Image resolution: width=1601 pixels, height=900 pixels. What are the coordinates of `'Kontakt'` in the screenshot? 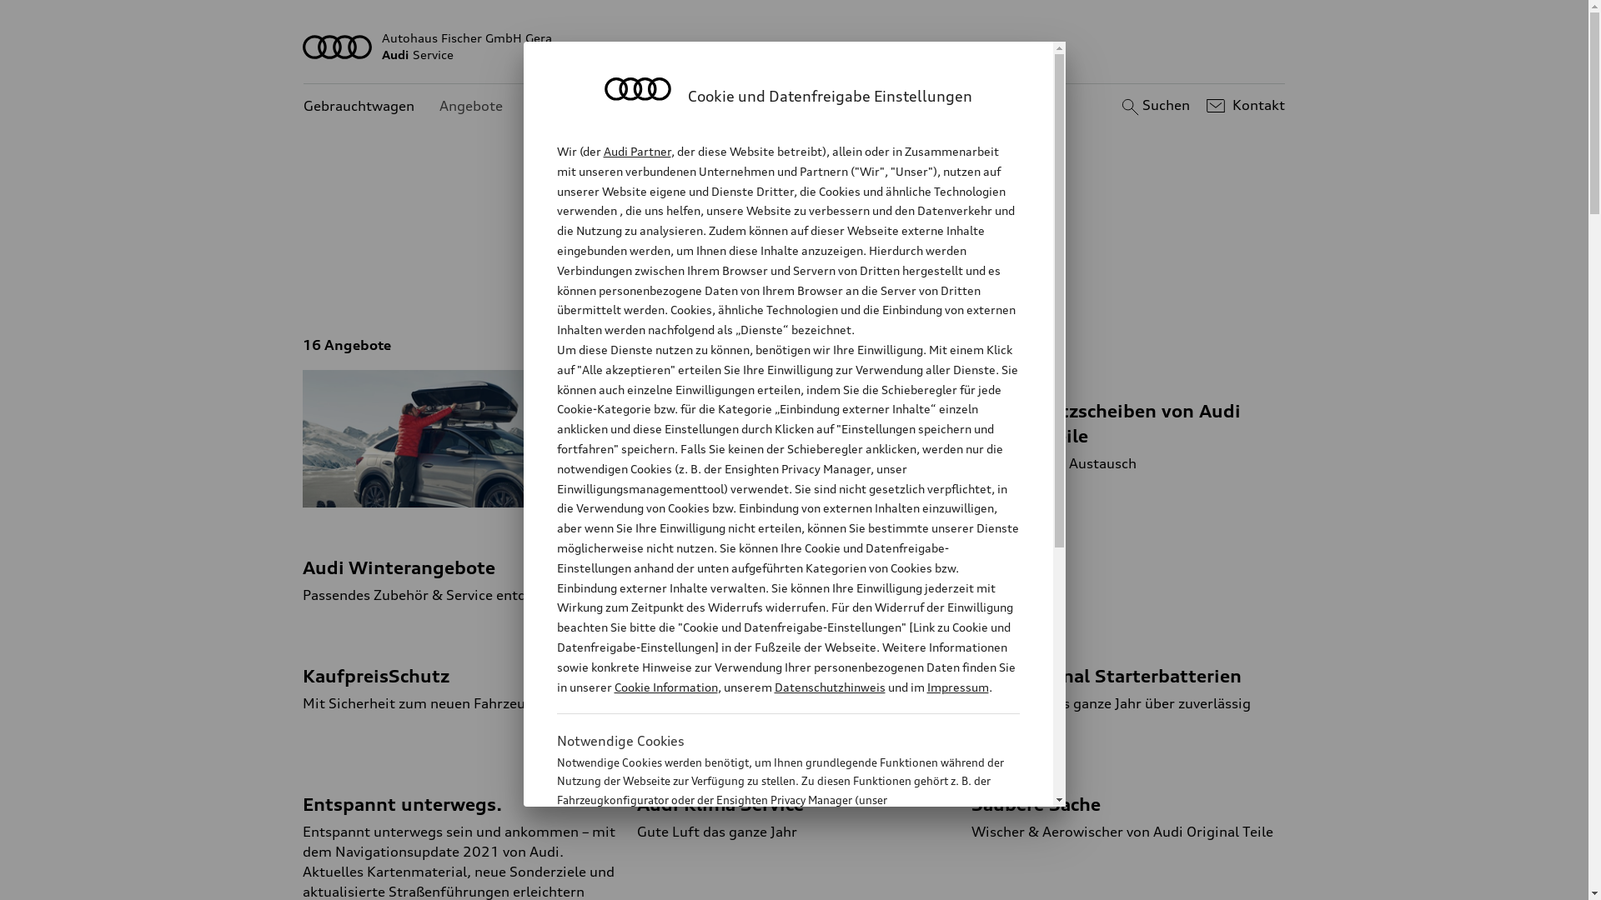 It's located at (1243, 106).